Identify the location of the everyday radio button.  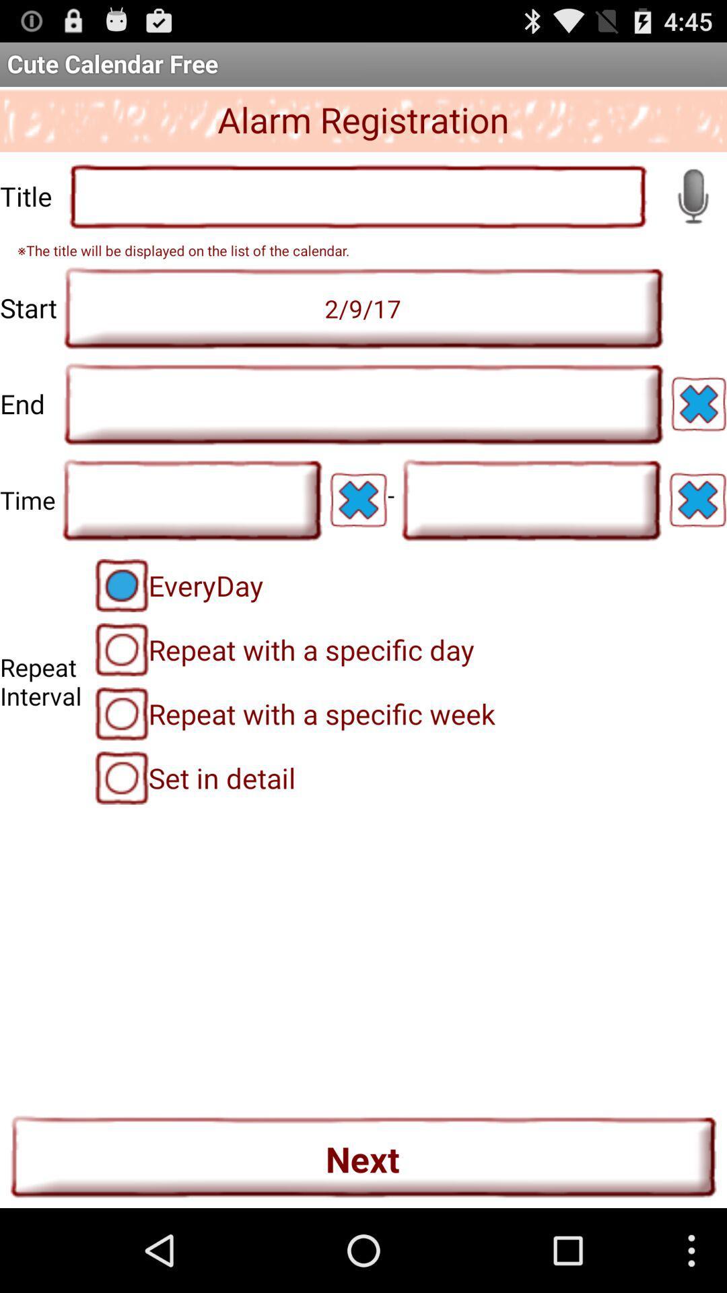
(178, 585).